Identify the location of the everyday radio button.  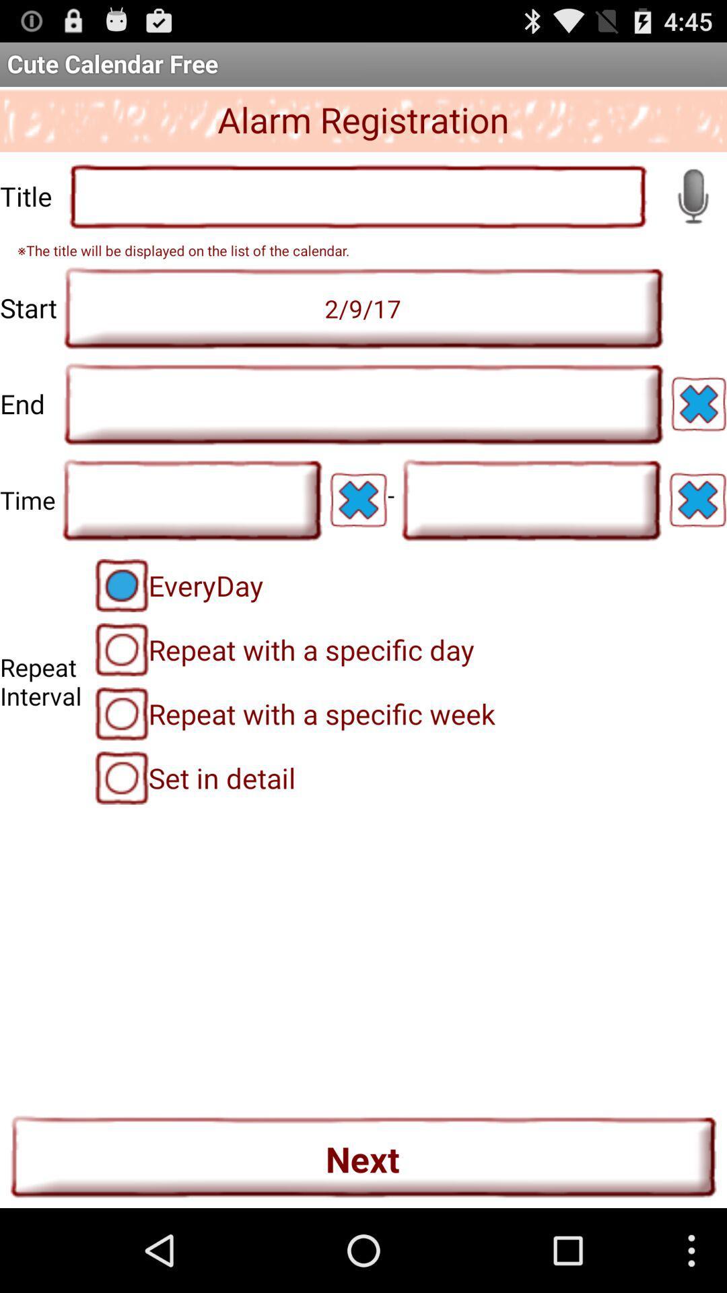
(178, 585).